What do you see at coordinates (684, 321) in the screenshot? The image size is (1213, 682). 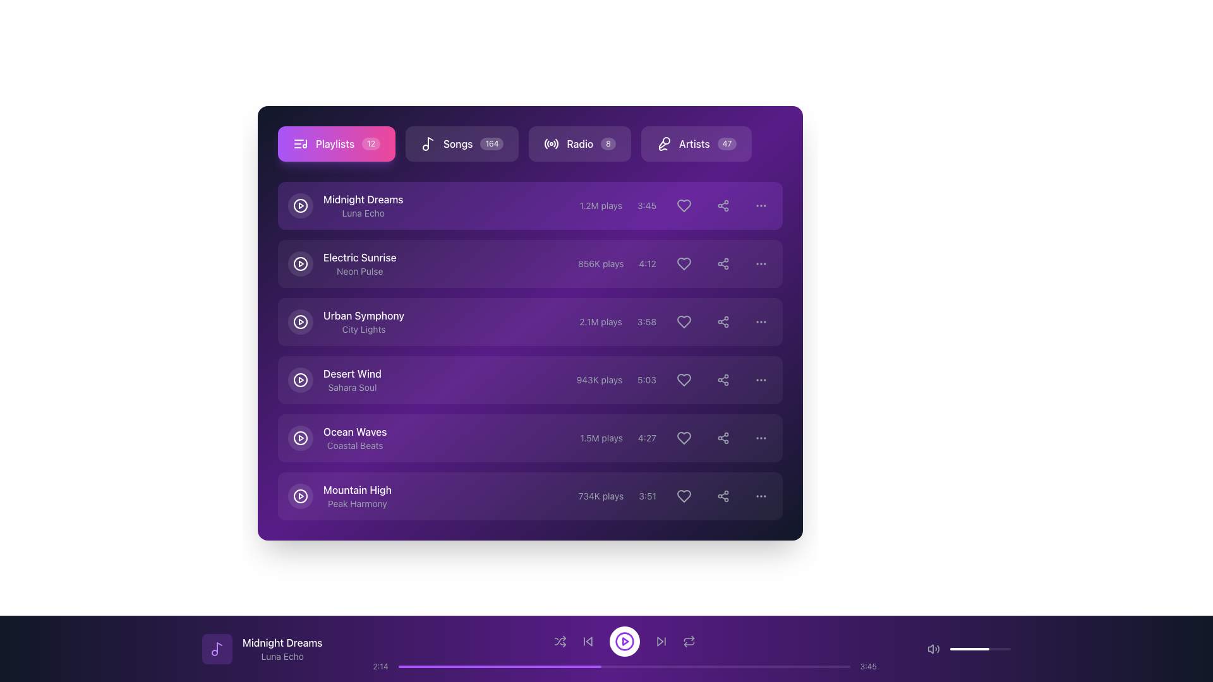 I see `the heart-shaped icon button located in the third row of the 'Urban Symphony' entry` at bounding box center [684, 321].